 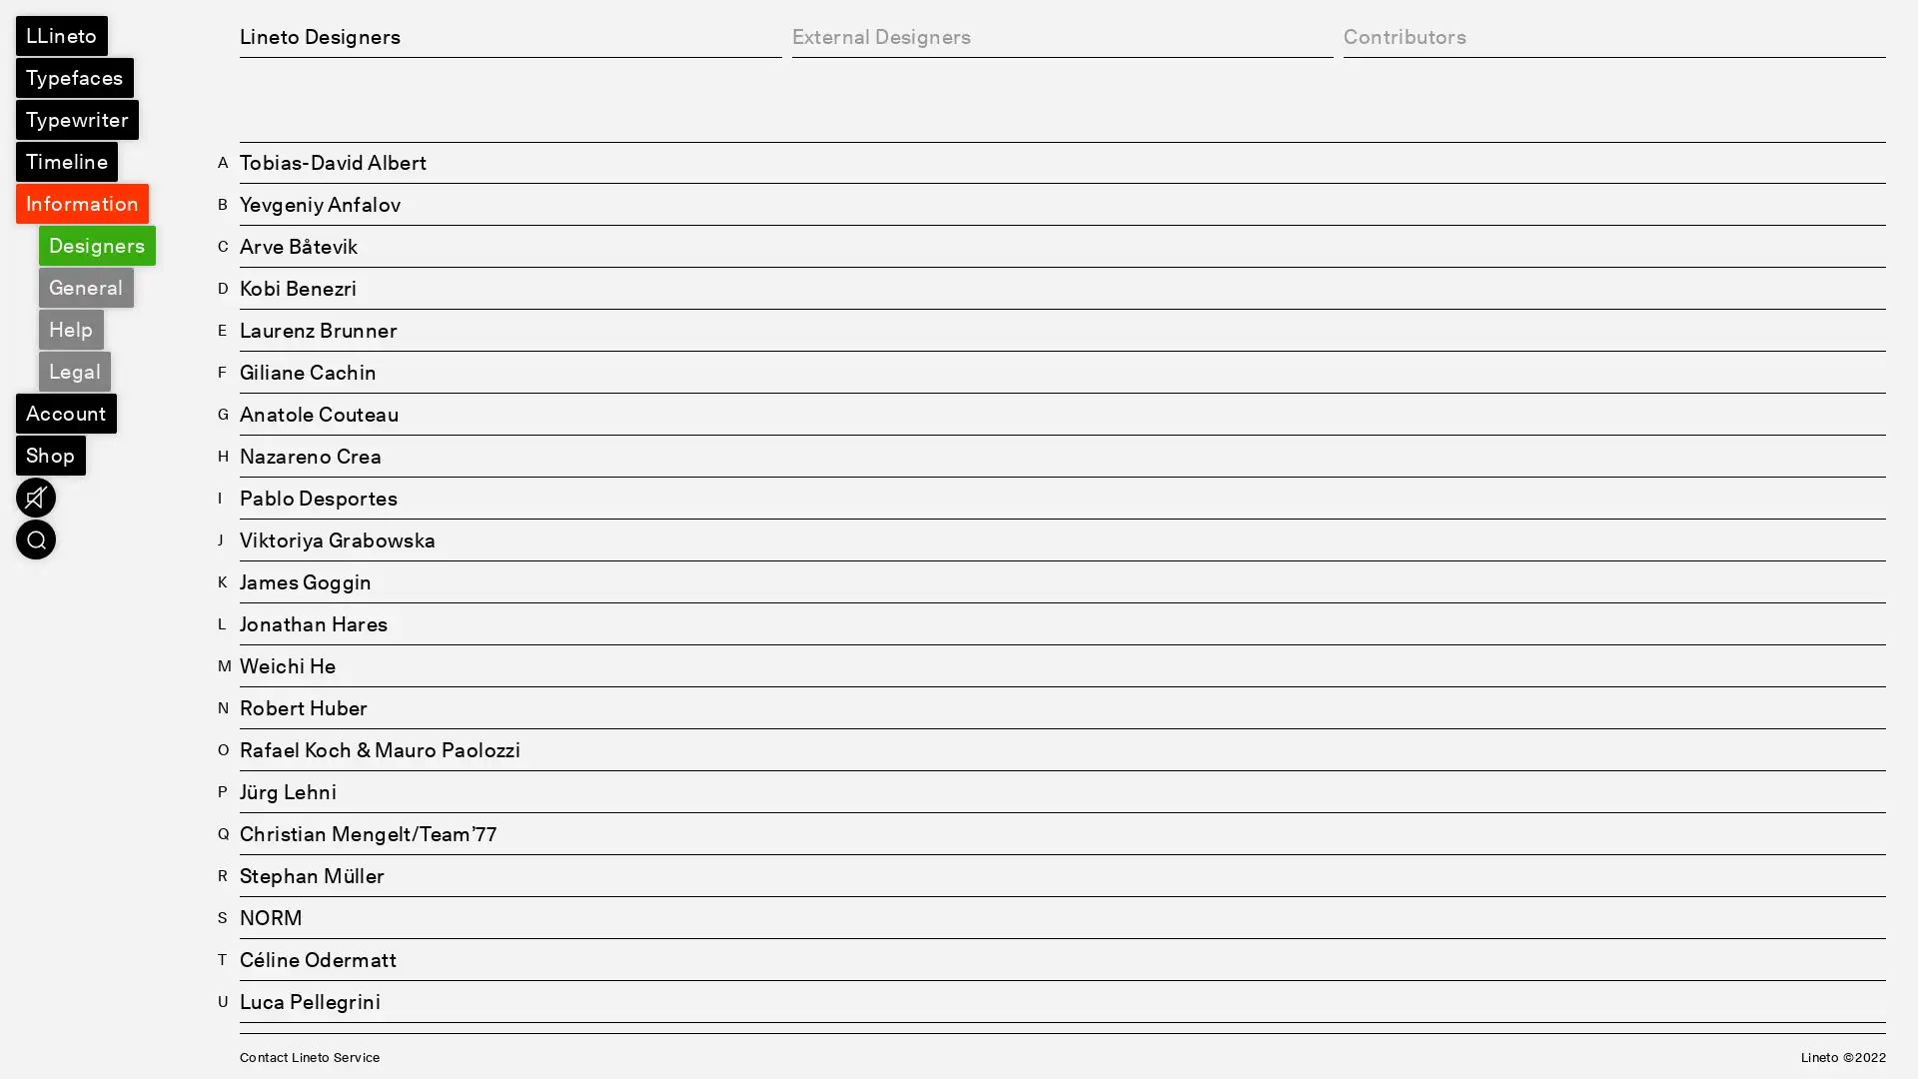 I want to click on LLineto, so click(x=61, y=35).